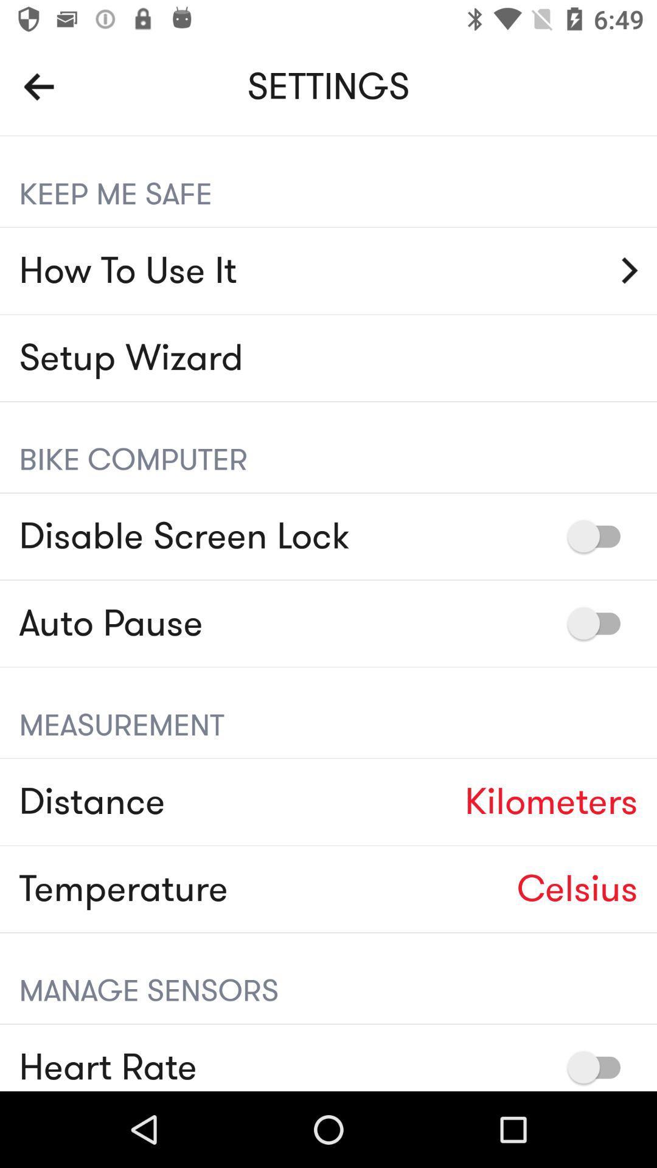 This screenshot has height=1168, width=657. Describe the element at coordinates (599, 535) in the screenshot. I see `to disable screen lock` at that location.